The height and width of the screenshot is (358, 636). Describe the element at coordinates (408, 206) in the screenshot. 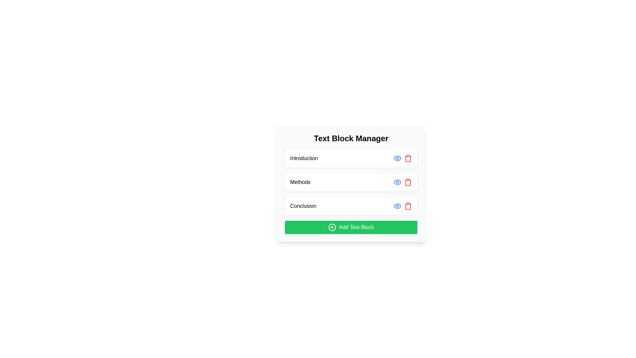

I see `the delete button for the text block titled 'Conclusion'` at that location.